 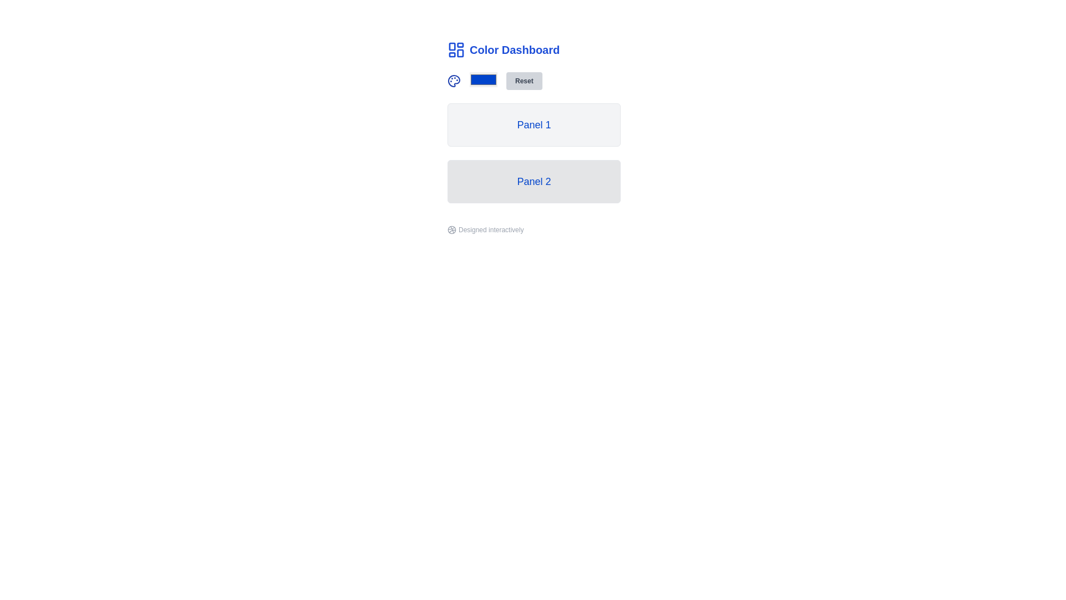 I want to click on the 'Panel 1' section, so click(x=534, y=137).